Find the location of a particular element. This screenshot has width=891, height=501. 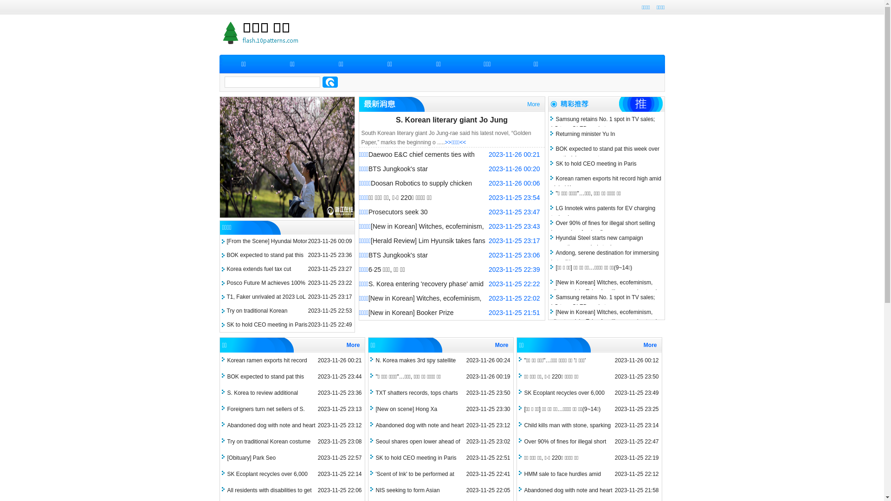

'SK to hold CEO meeting in Paris' is located at coordinates (371, 457).